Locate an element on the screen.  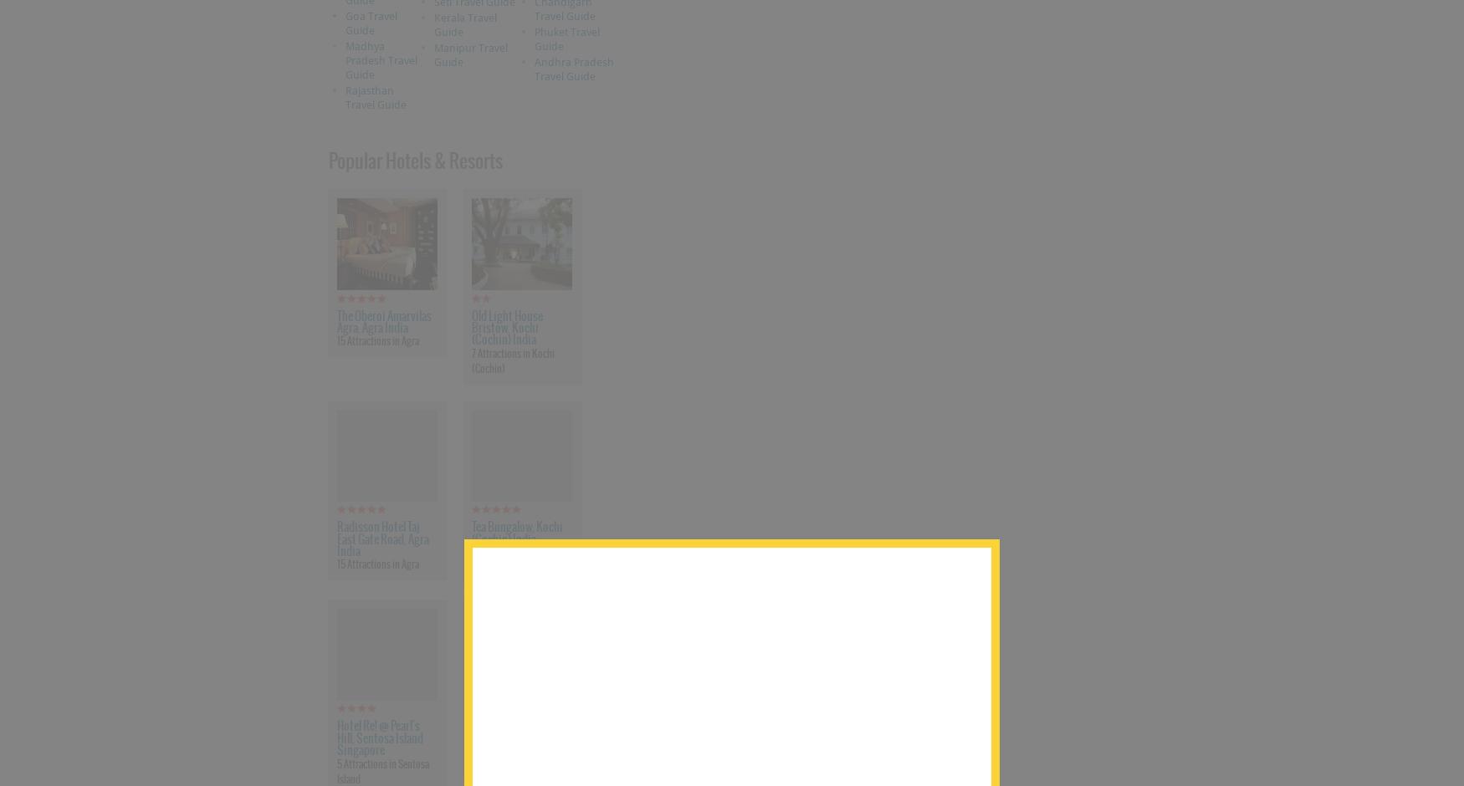
'Country Inn & Suites By Carlson, Pushkar India' is located at coordinates (519, 738).